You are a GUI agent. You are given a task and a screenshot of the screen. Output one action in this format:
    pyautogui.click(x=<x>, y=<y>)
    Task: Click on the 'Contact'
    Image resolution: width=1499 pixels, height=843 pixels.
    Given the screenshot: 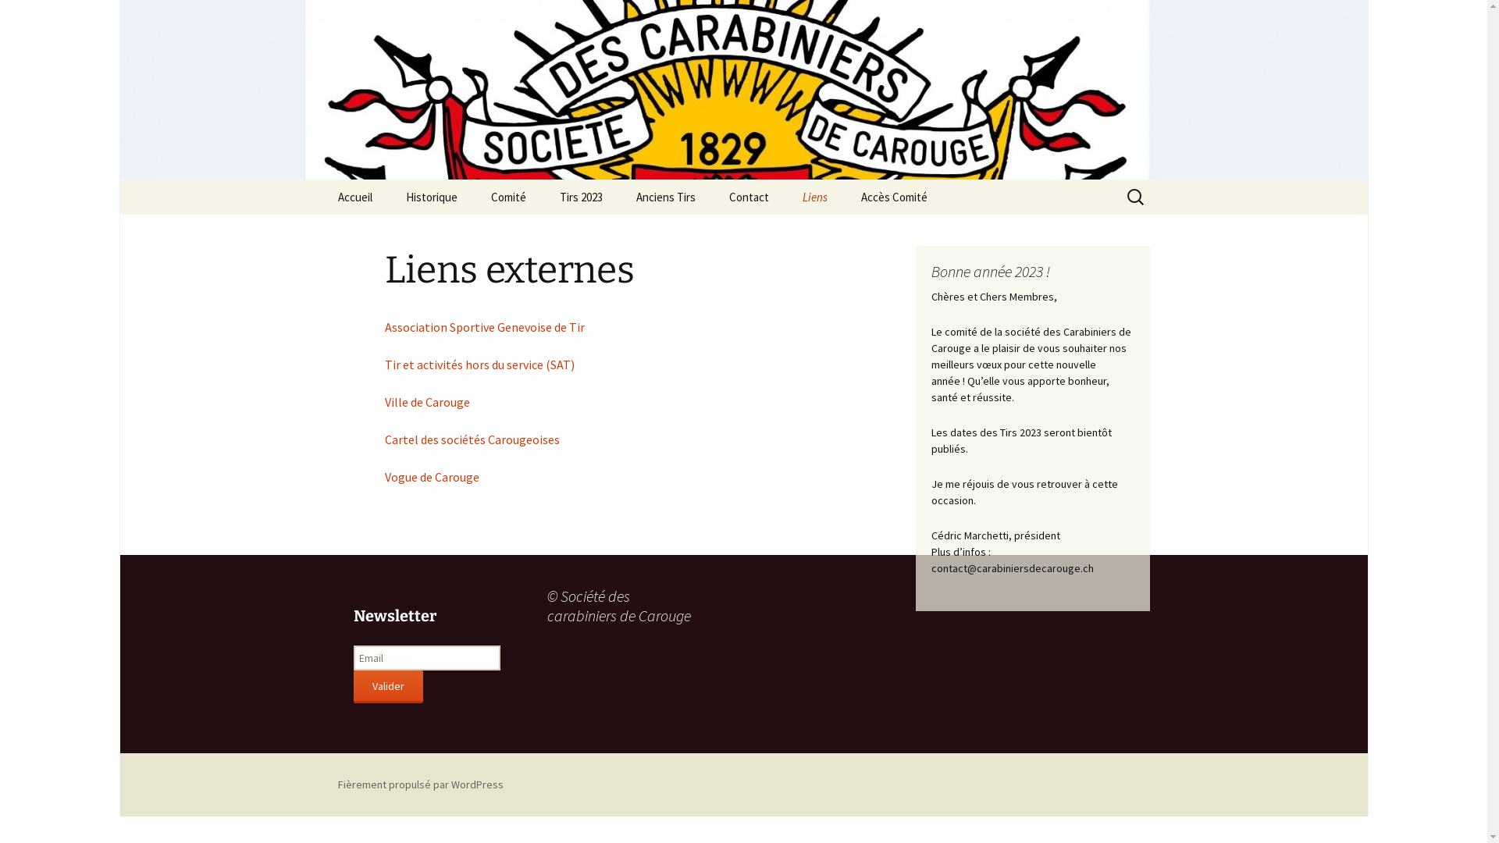 What is the action you would take?
    pyautogui.click(x=748, y=196)
    